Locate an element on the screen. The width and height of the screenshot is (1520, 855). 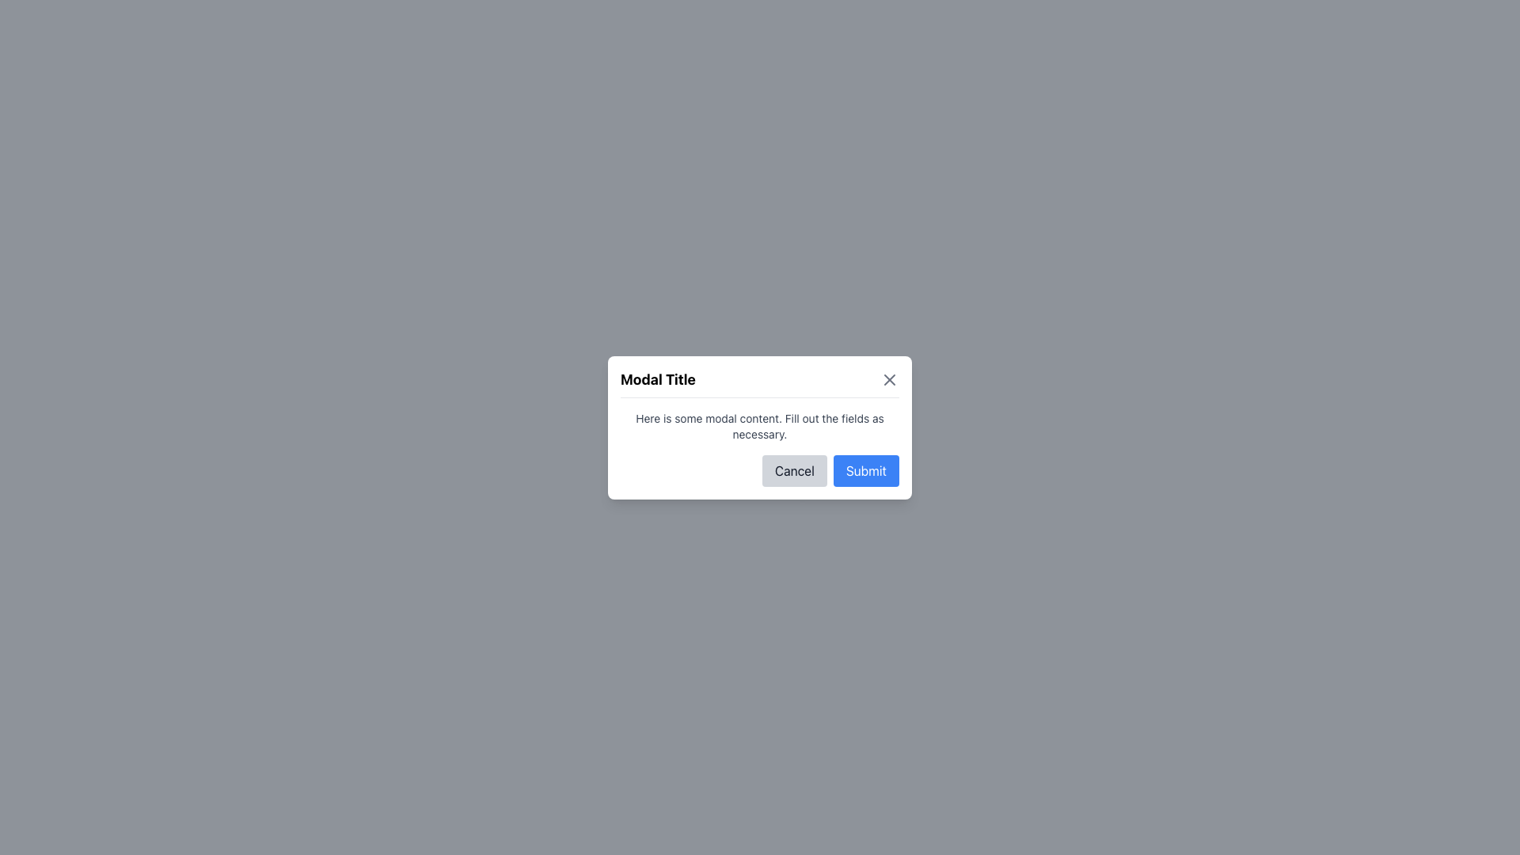
the submit button located at the bottom-right corner of the modal window is located at coordinates (865, 469).